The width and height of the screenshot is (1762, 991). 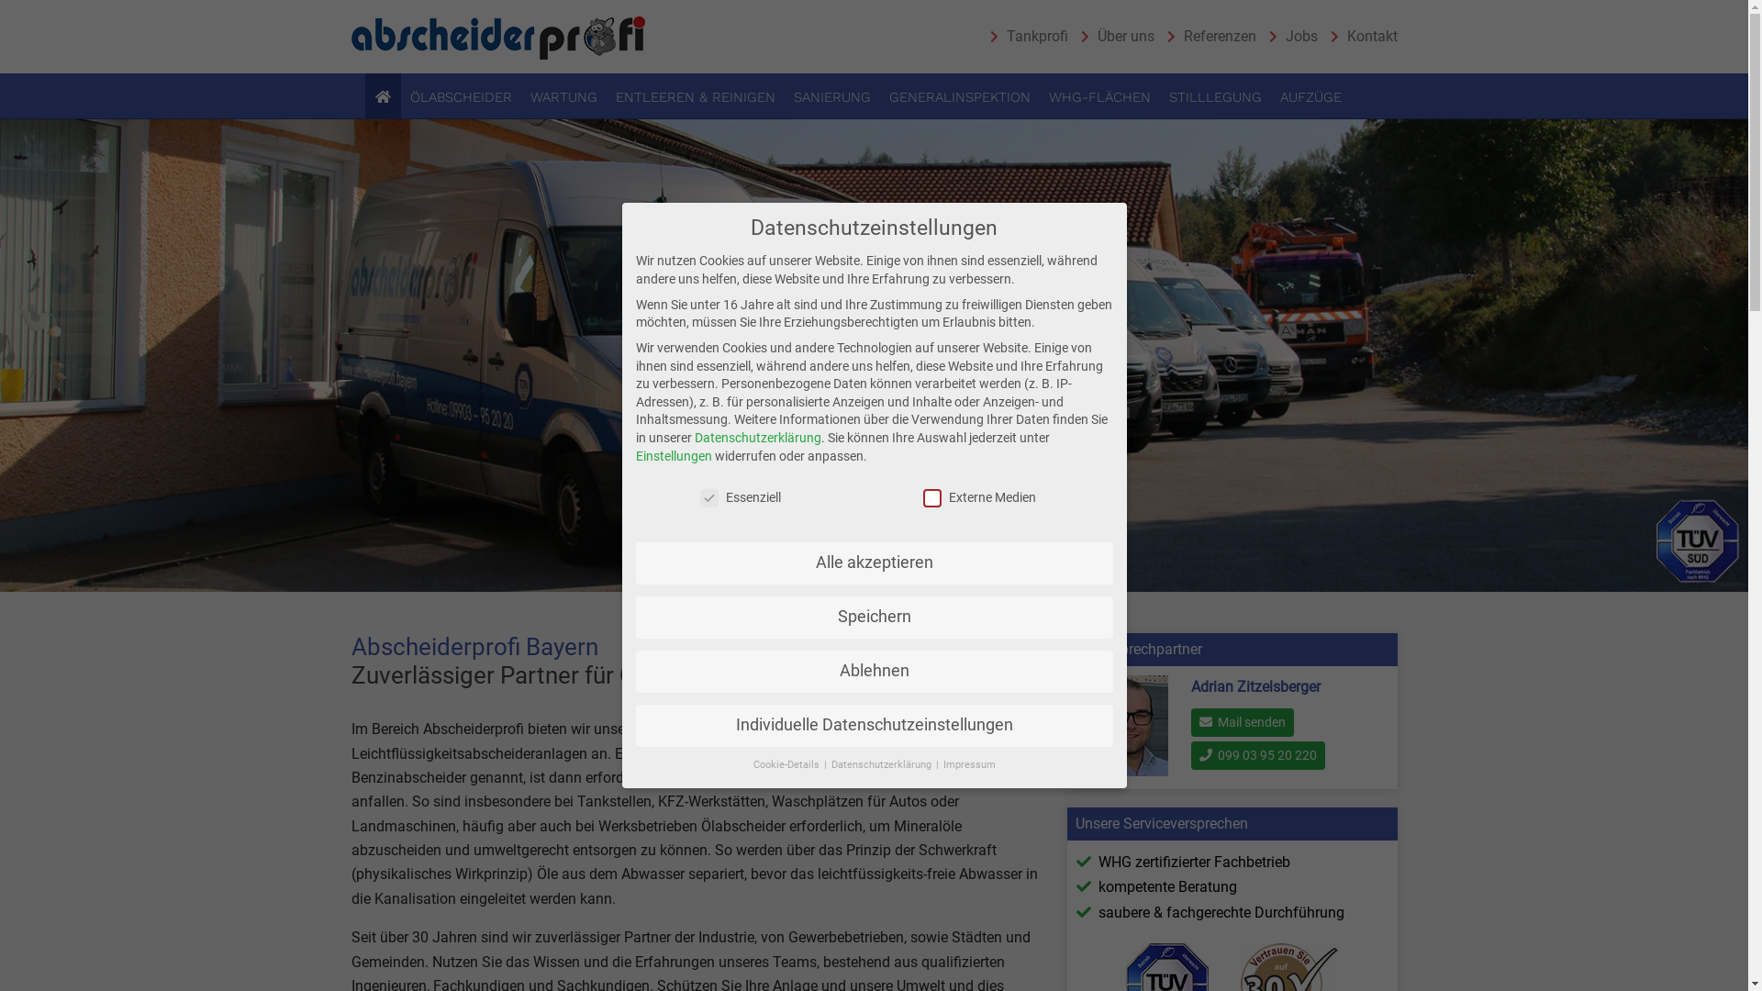 What do you see at coordinates (1287, 36) in the screenshot?
I see `'Jobs'` at bounding box center [1287, 36].